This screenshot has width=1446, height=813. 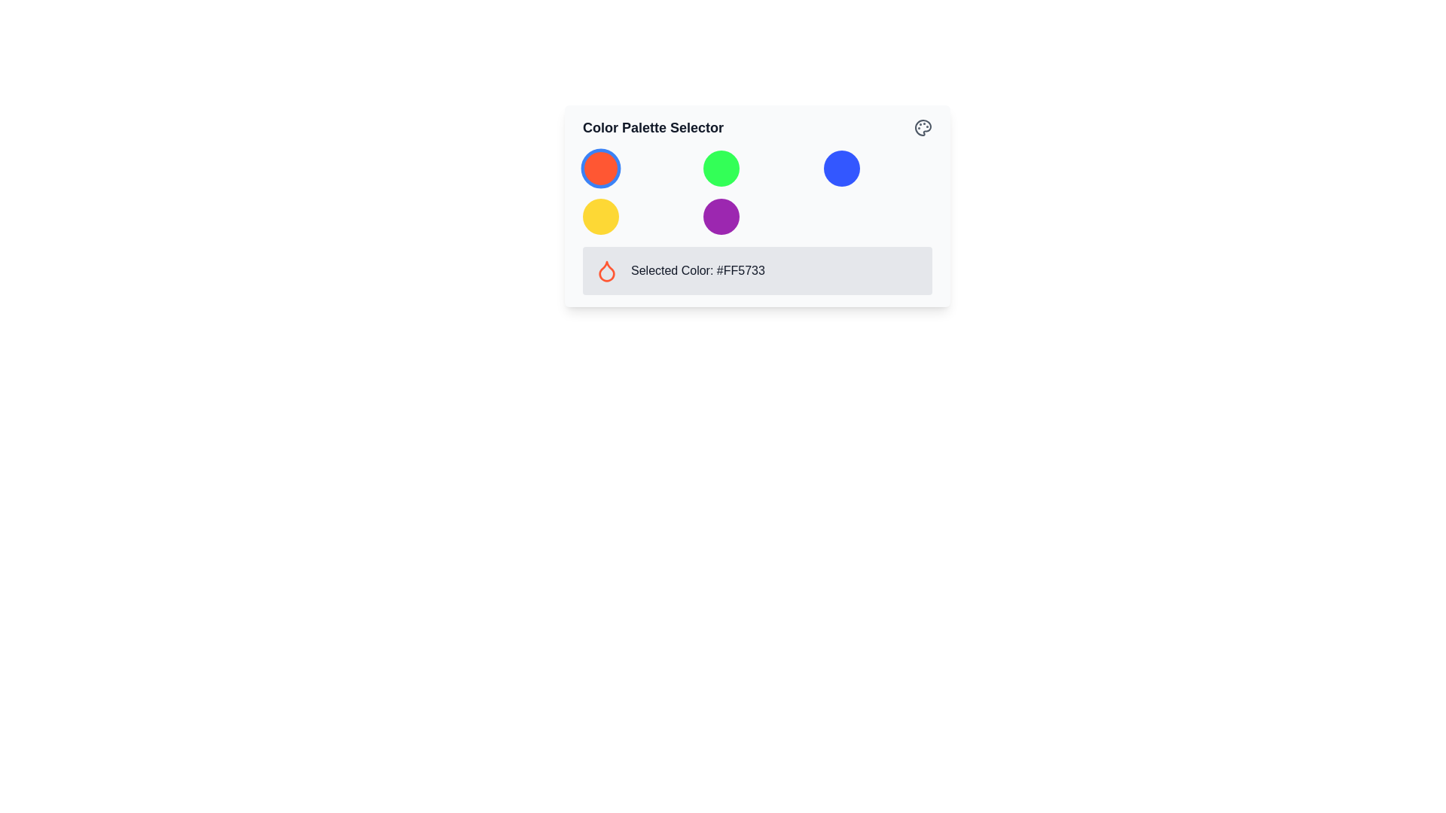 What do you see at coordinates (922, 126) in the screenshot?
I see `the color selection icon located at the rightmost position in the 'Color Palette Selector' section` at bounding box center [922, 126].